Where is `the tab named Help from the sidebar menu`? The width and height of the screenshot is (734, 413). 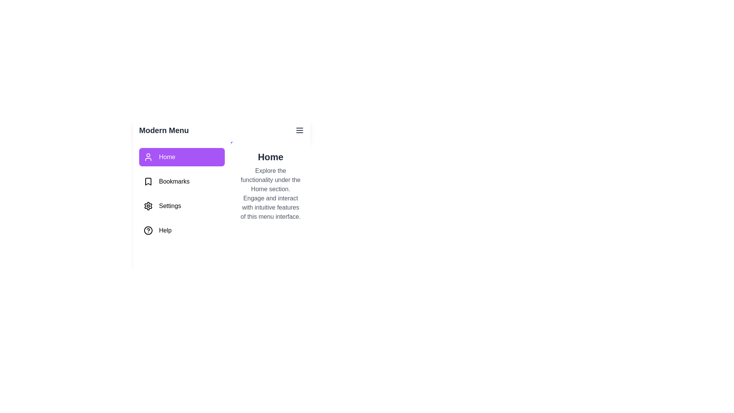 the tab named Help from the sidebar menu is located at coordinates (181, 230).